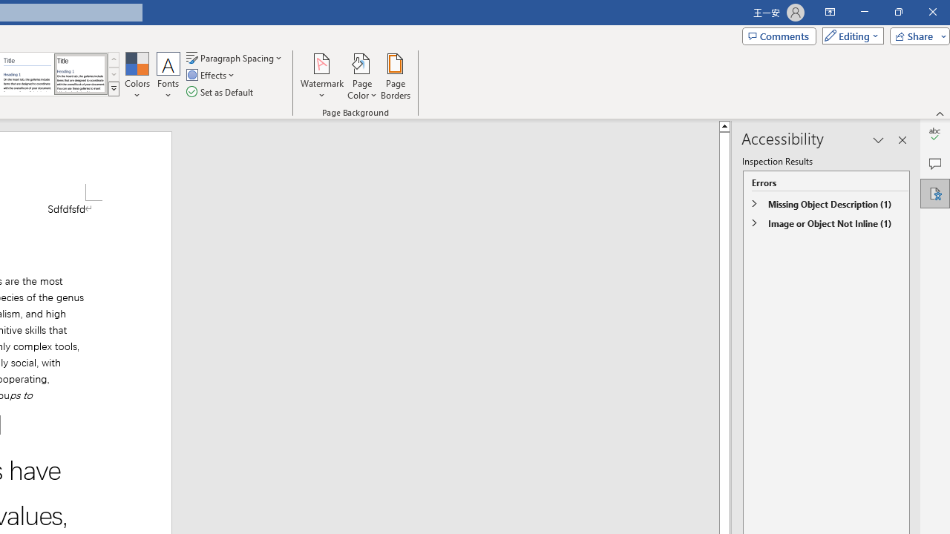  Describe the element at coordinates (321, 76) in the screenshot. I see `'Watermark'` at that location.